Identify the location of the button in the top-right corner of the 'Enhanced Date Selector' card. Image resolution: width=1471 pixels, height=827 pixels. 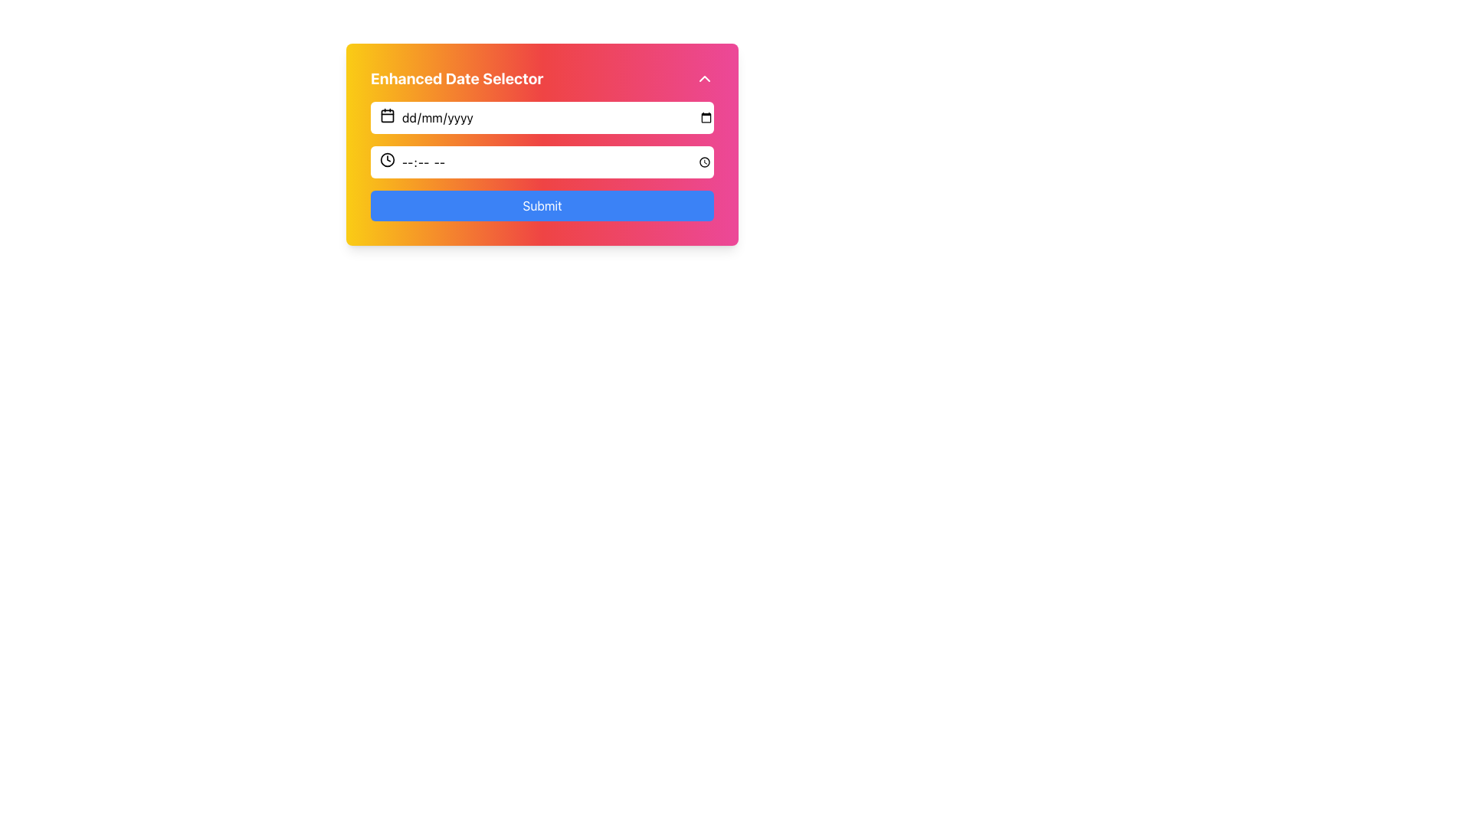
(704, 79).